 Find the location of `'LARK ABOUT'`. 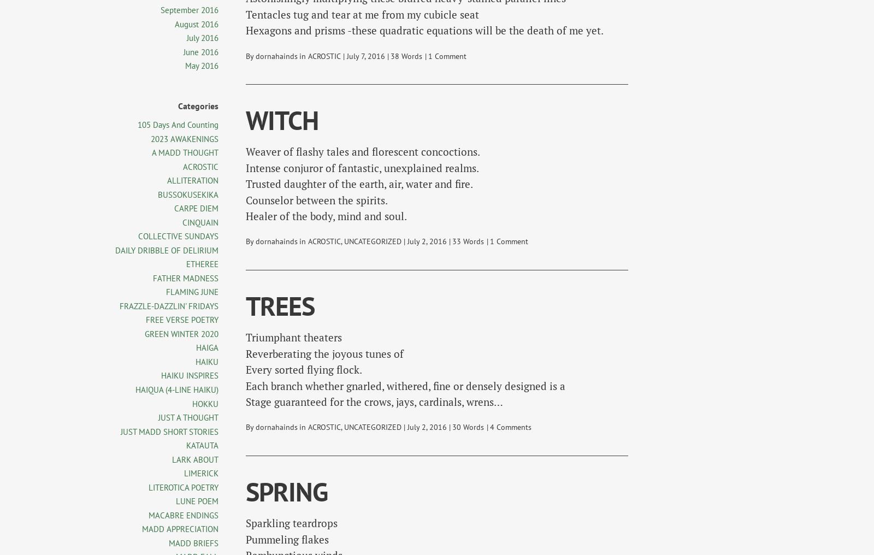

'LARK ABOUT' is located at coordinates (172, 459).